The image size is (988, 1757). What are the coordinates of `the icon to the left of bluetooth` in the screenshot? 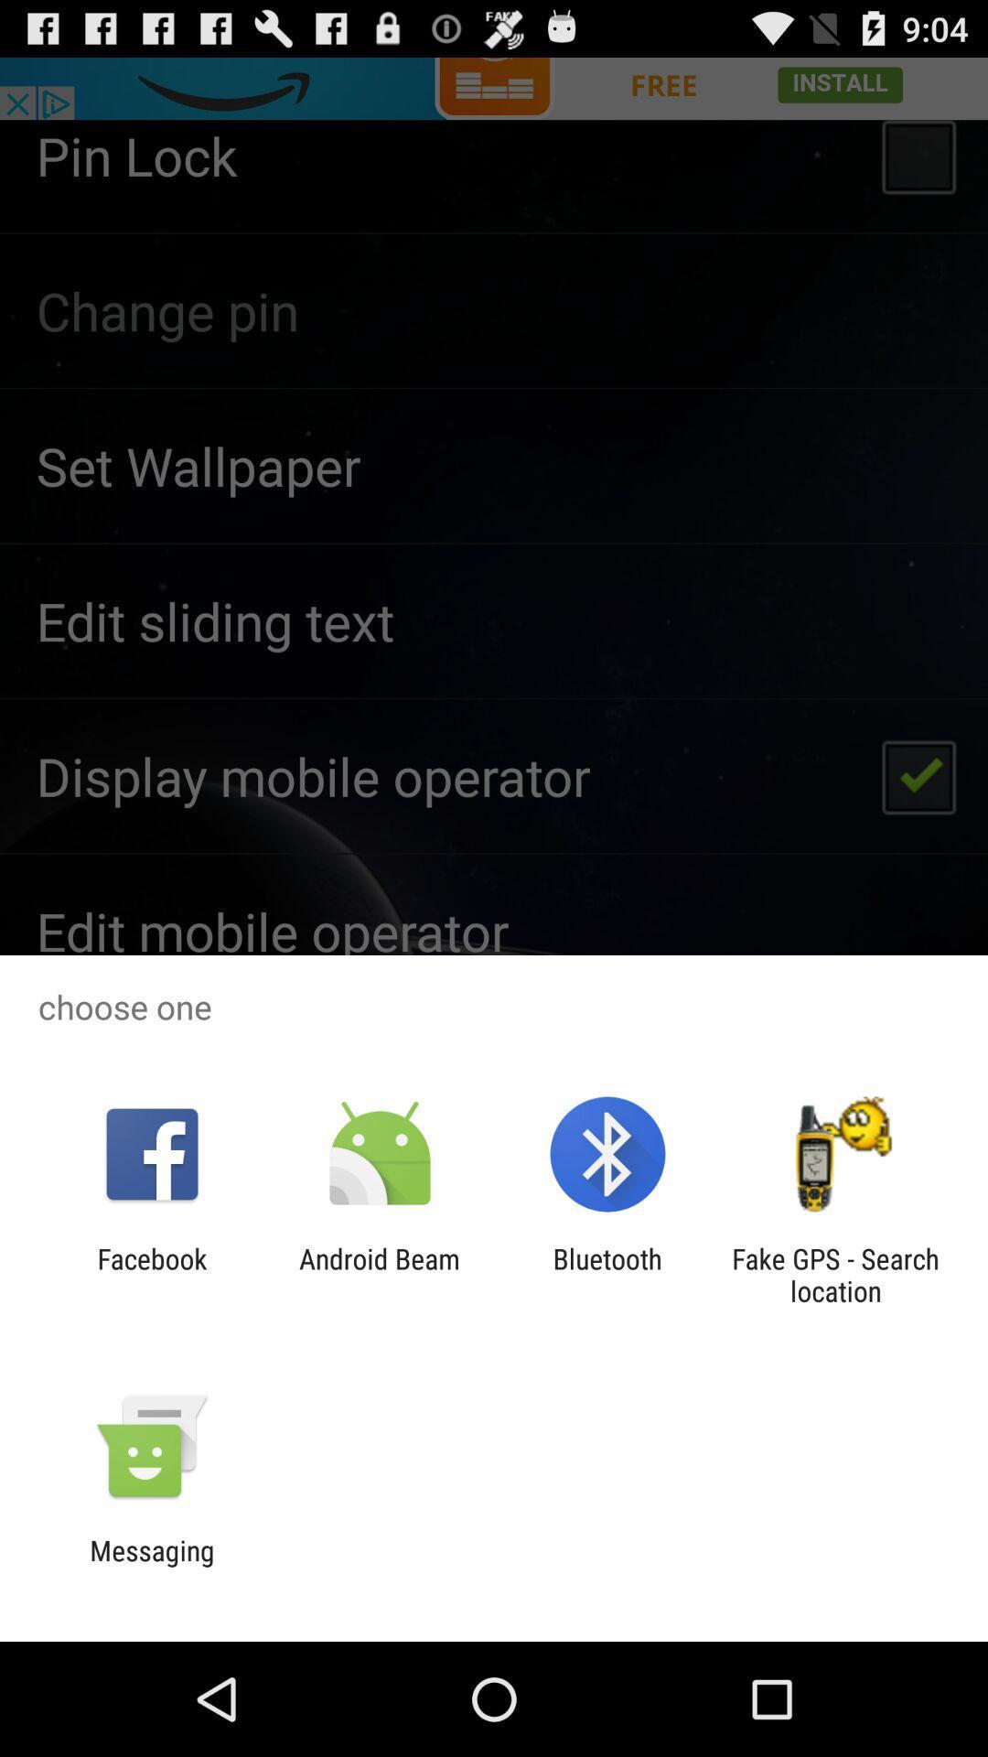 It's located at (379, 1274).